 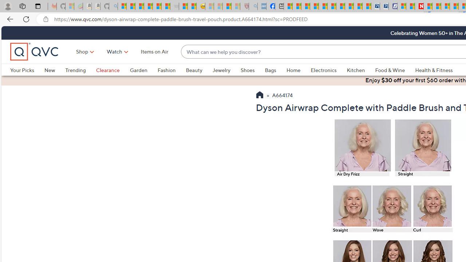 I want to click on 'Shoes', so click(x=253, y=70).